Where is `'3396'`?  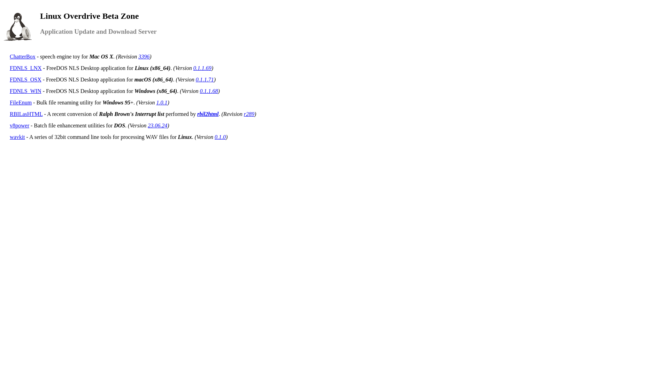 '3396' is located at coordinates (143, 56).